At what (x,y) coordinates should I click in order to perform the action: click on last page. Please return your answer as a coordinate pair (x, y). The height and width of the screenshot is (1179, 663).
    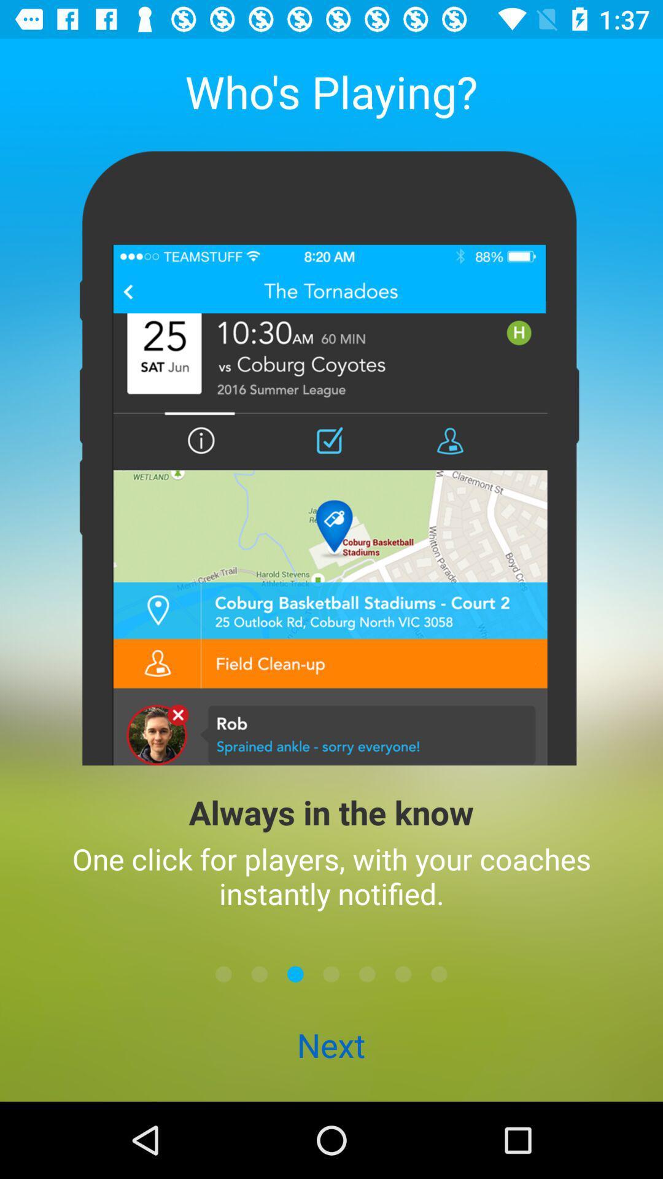
    Looking at the image, I should click on (438, 973).